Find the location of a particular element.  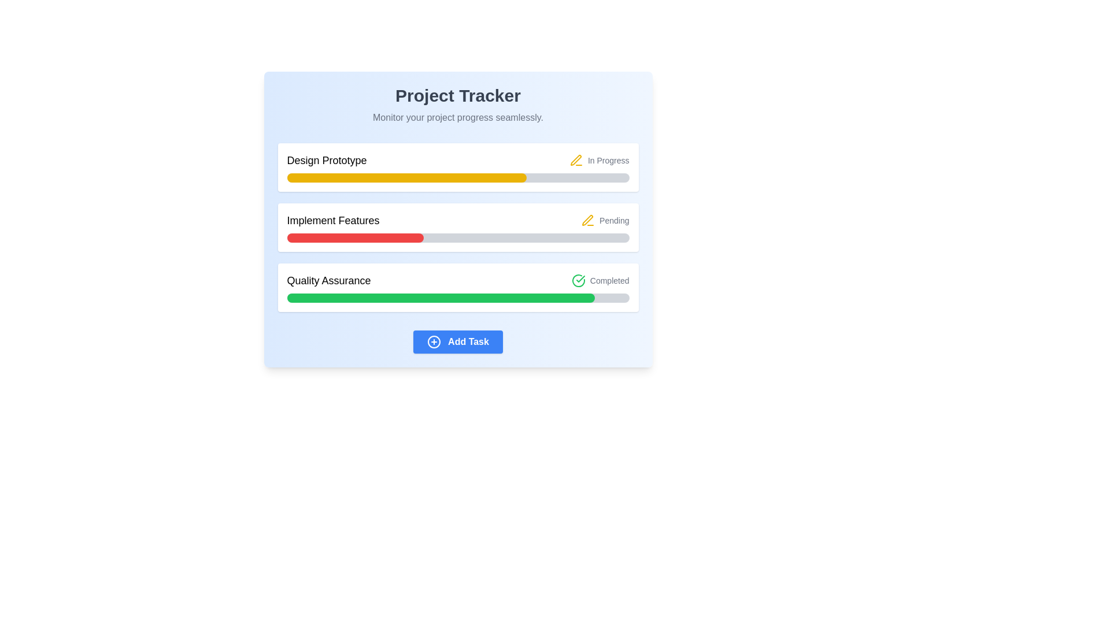

text label that says 'Completed', which is styled in light gray and located to the right of a green checkmark icon in the 'Quality Assurance' section is located at coordinates (609, 281).